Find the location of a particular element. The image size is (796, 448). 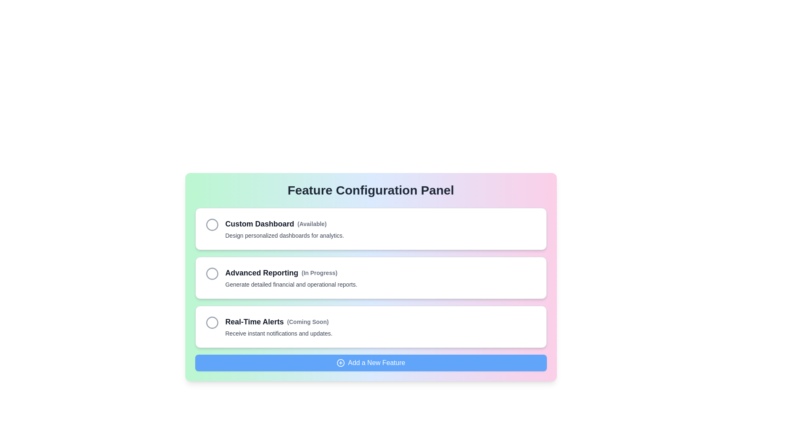

the SVG circle graphic that serves as a selection or status indicator, located to the left of the 'Custom Dashboard' entry in the vertical list of features is located at coordinates (212, 225).